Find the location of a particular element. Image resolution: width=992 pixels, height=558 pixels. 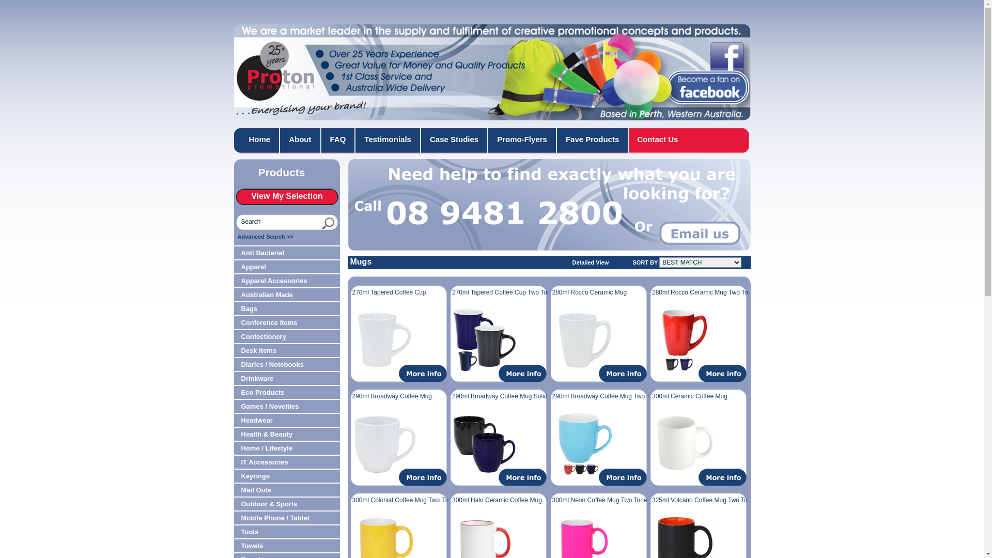

'FAQ' is located at coordinates (338, 141).